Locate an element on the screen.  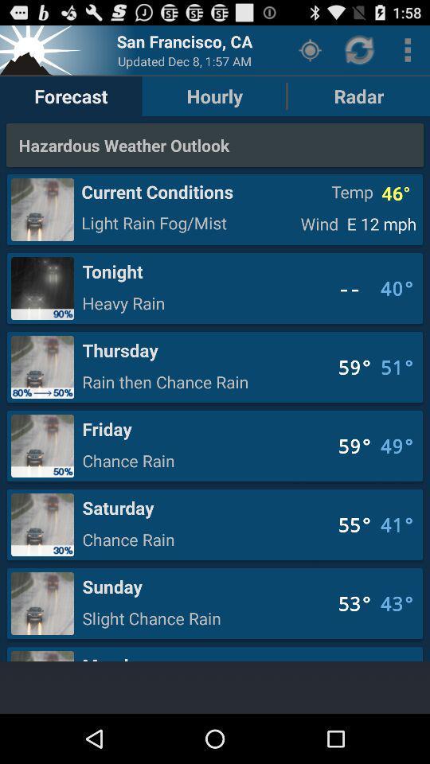
get weather information is located at coordinates (42, 49).